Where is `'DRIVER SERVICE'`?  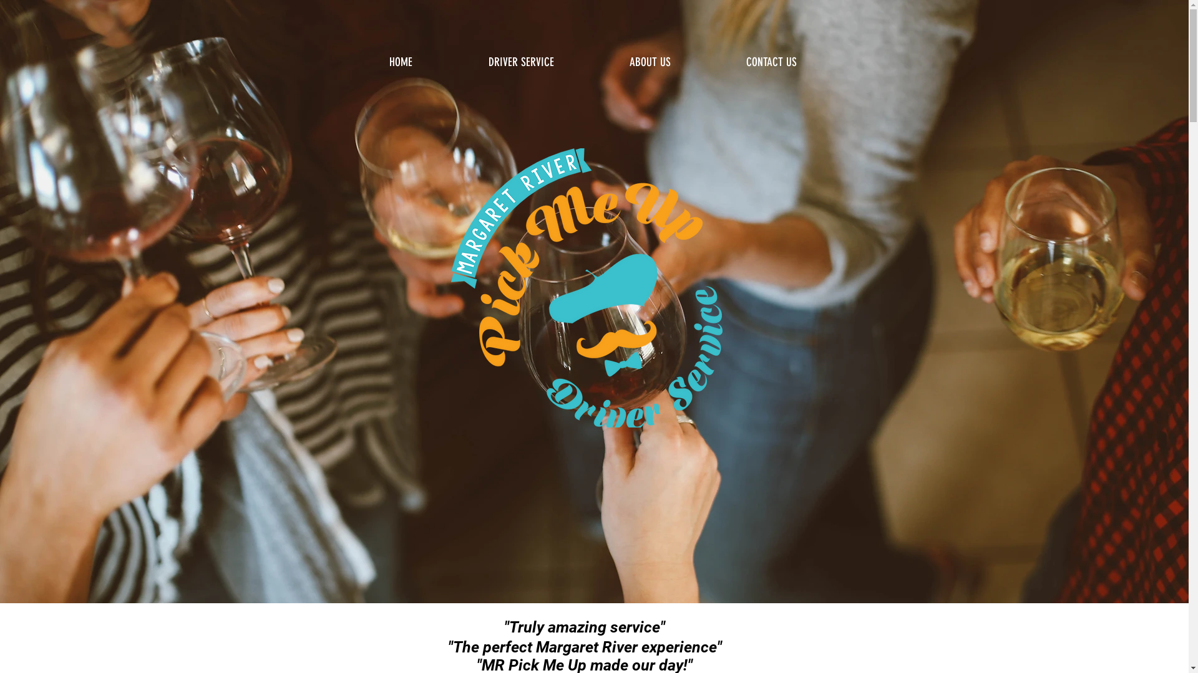
'DRIVER SERVICE' is located at coordinates (521, 62).